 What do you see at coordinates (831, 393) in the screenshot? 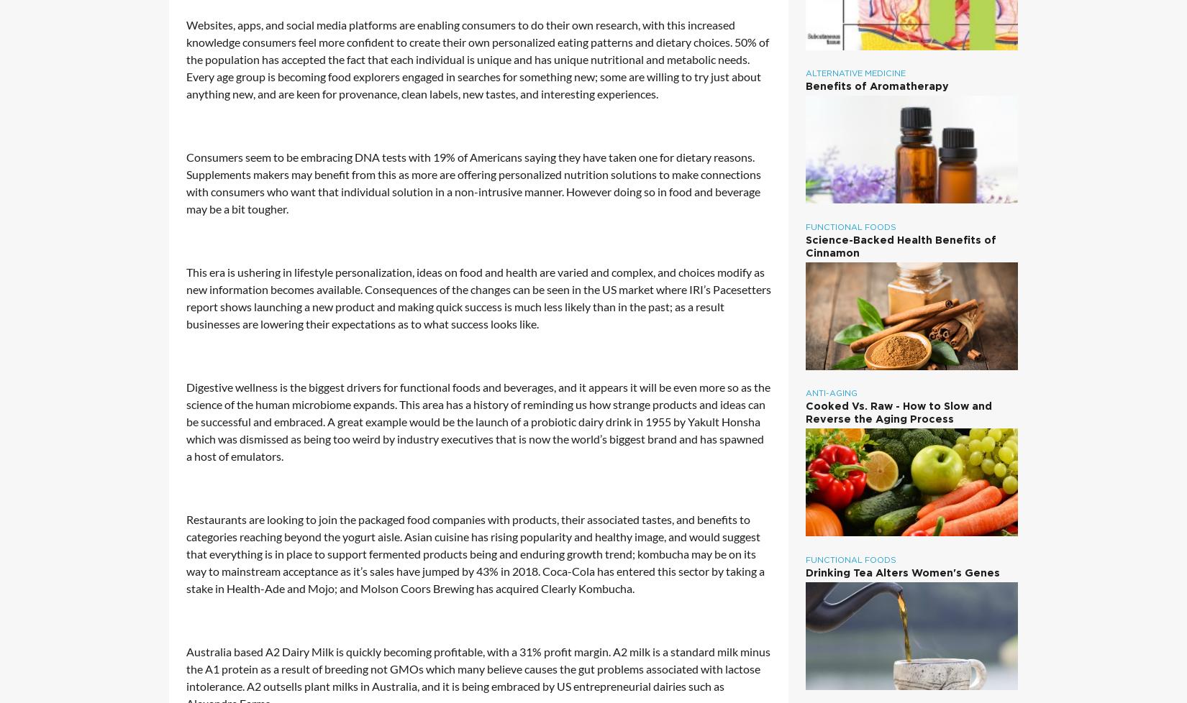
I see `'Anti-Aging'` at bounding box center [831, 393].